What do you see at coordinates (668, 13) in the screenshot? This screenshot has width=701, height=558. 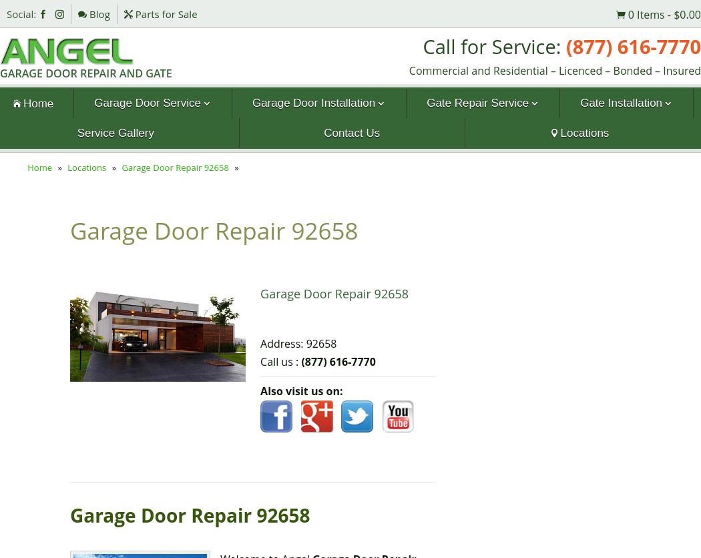 I see `'-'` at bounding box center [668, 13].